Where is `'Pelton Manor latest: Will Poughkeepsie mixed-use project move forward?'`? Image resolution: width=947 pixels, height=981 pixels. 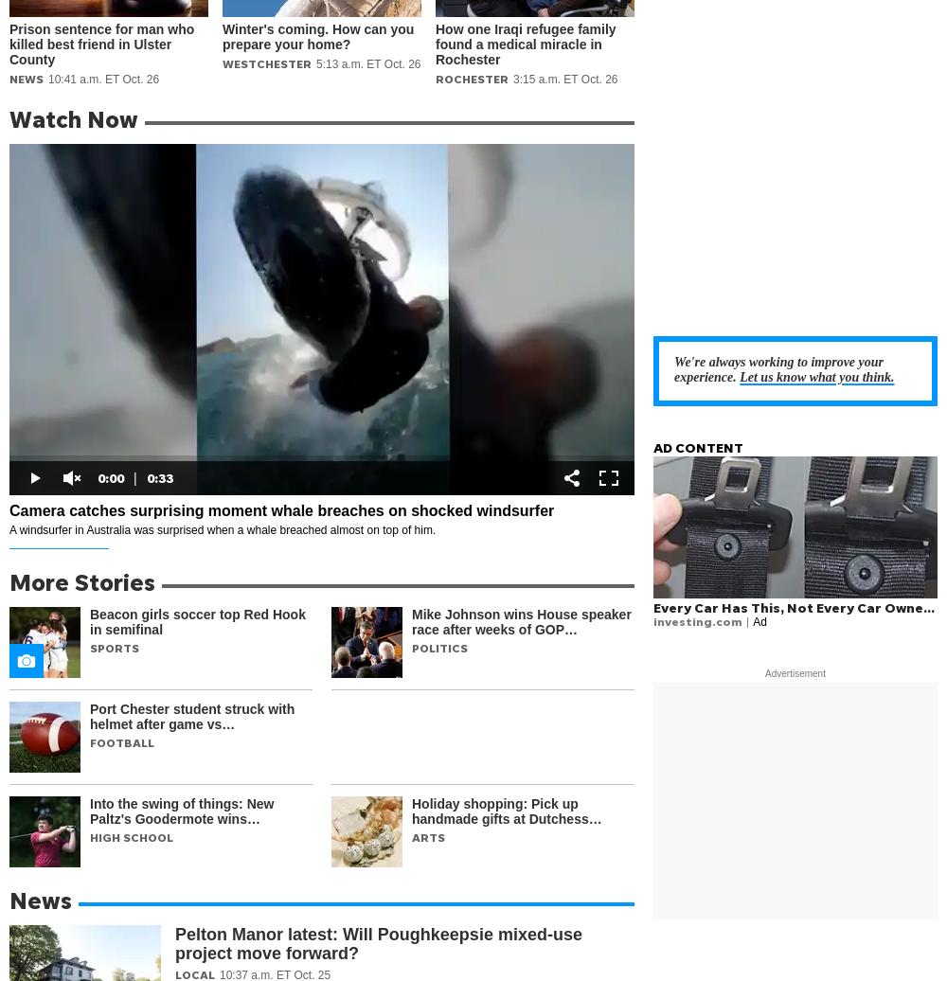 'Pelton Manor latest: Will Poughkeepsie mixed-use project move forward?' is located at coordinates (378, 944).